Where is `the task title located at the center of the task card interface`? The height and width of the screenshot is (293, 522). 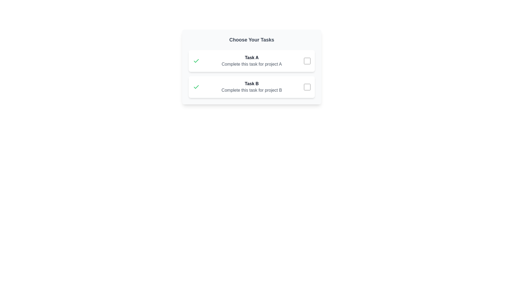 the task title located at the center of the task card interface is located at coordinates (251, 66).